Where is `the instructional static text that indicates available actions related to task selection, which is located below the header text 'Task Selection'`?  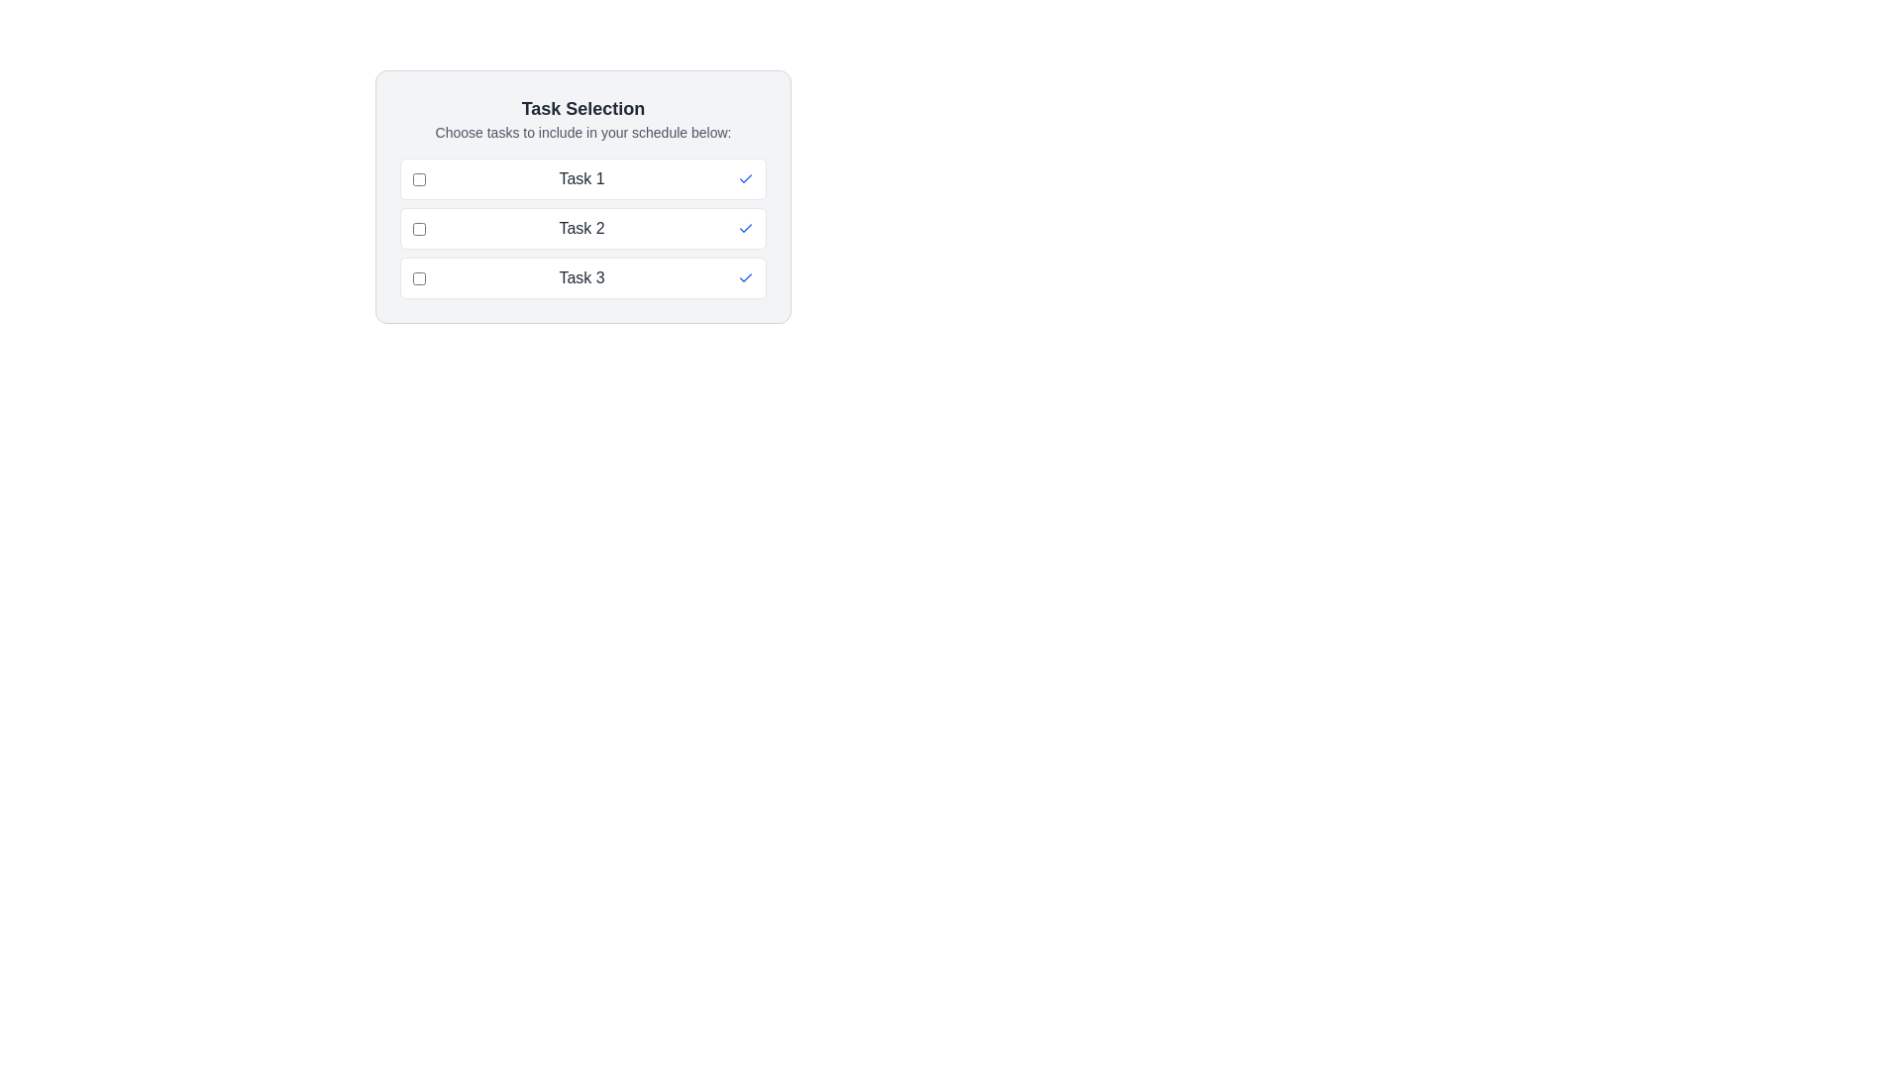 the instructional static text that indicates available actions related to task selection, which is located below the header text 'Task Selection' is located at coordinates (582, 133).